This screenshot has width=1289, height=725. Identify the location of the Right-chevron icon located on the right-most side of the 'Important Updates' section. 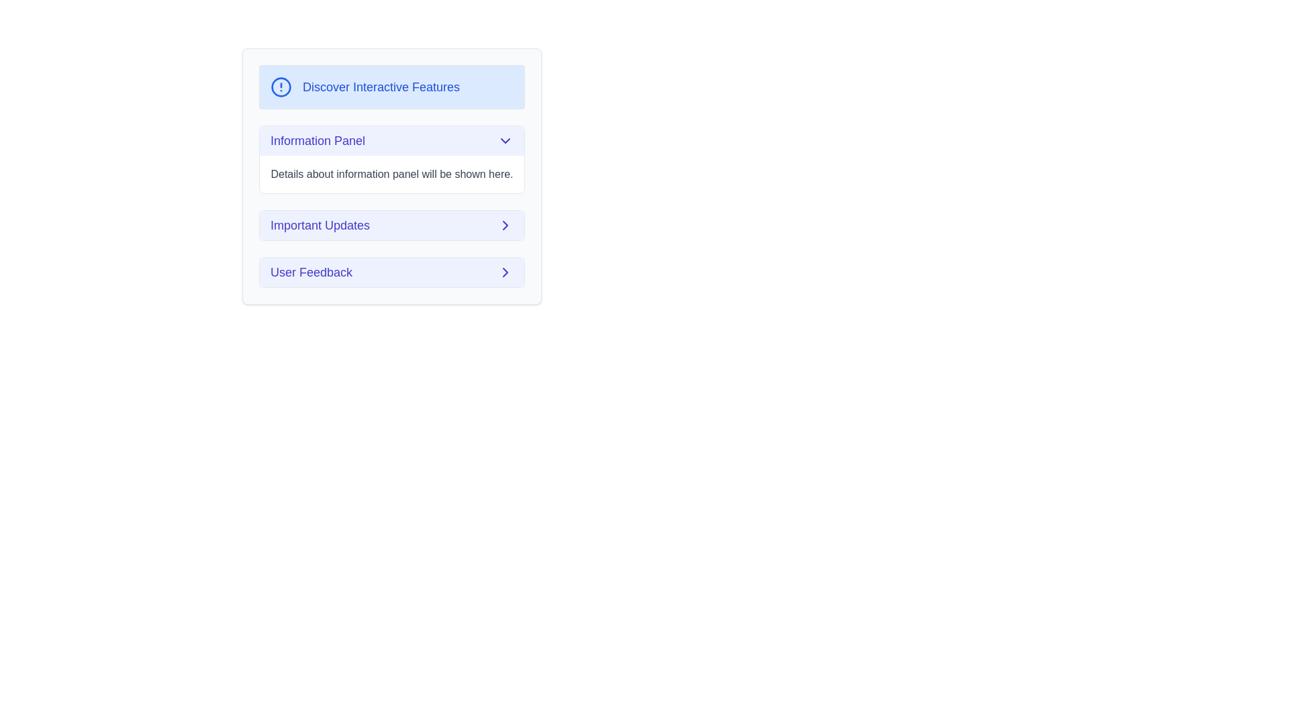
(505, 224).